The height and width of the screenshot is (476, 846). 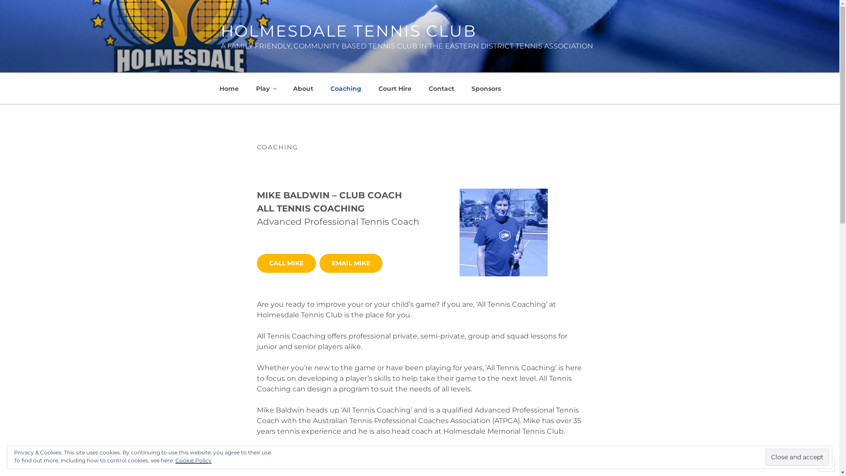 What do you see at coordinates (266, 88) in the screenshot?
I see `'Play'` at bounding box center [266, 88].